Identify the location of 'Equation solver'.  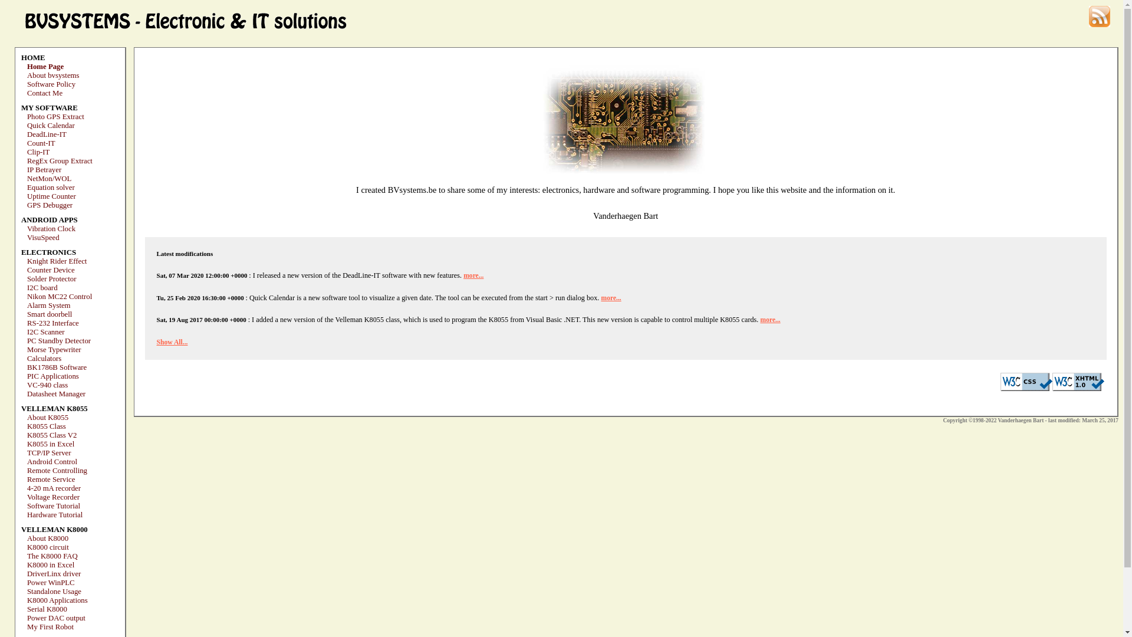
(50, 186).